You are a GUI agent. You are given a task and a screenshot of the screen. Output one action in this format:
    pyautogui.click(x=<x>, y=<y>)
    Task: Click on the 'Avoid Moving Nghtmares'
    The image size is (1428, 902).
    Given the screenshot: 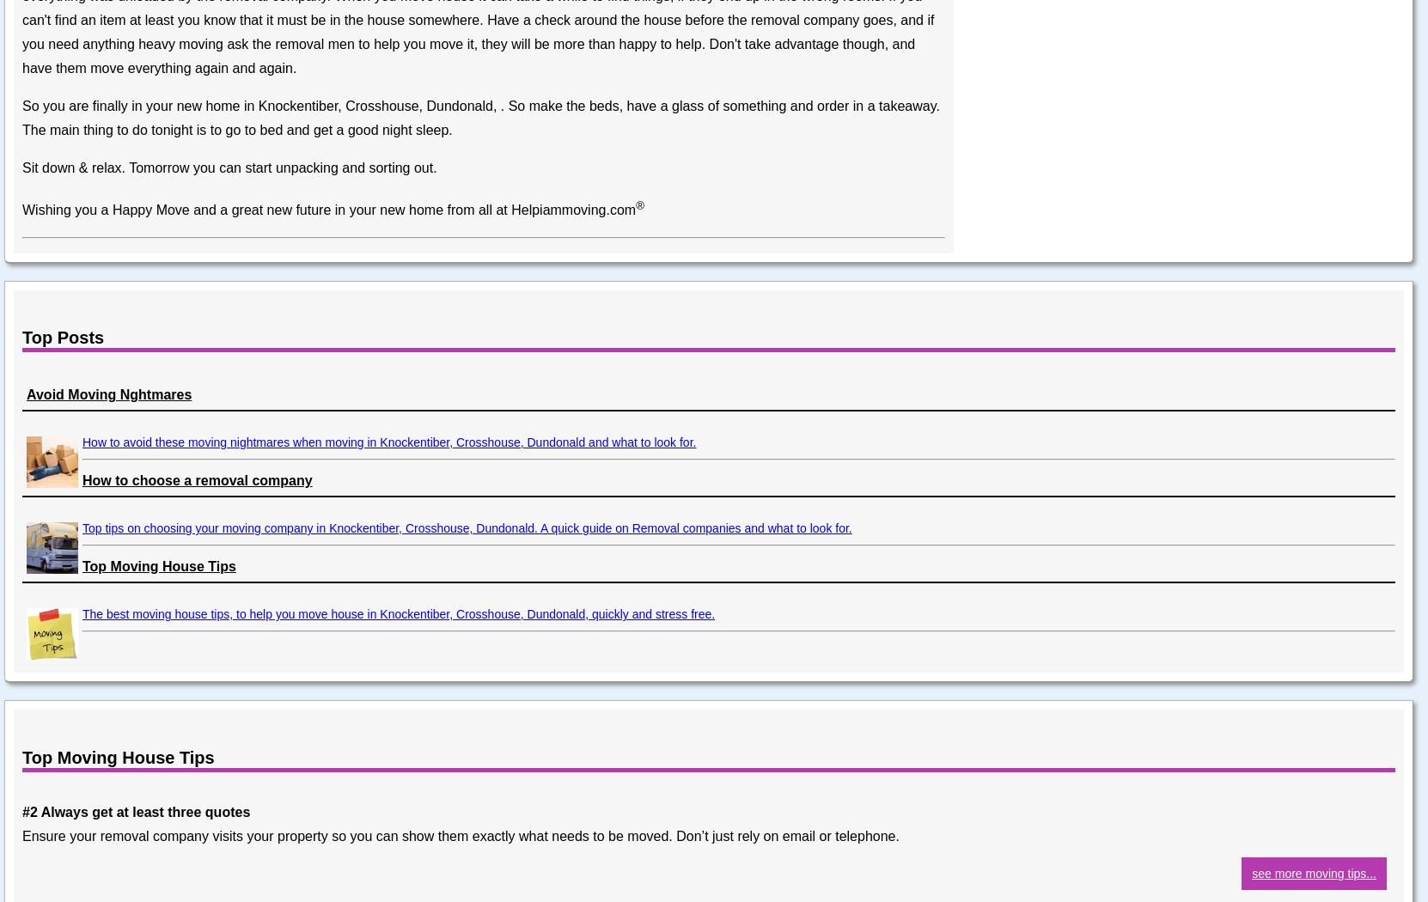 What is the action you would take?
    pyautogui.click(x=108, y=394)
    